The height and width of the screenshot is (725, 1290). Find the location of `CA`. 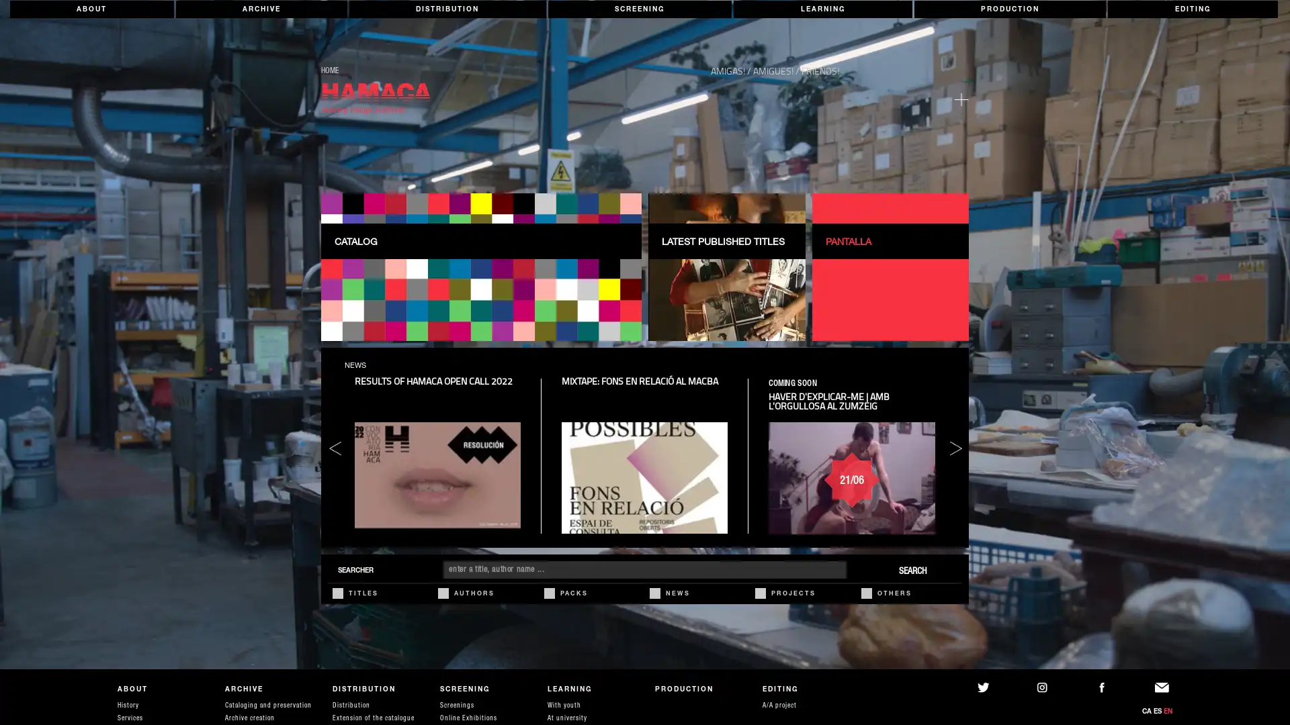

CA is located at coordinates (1145, 711).